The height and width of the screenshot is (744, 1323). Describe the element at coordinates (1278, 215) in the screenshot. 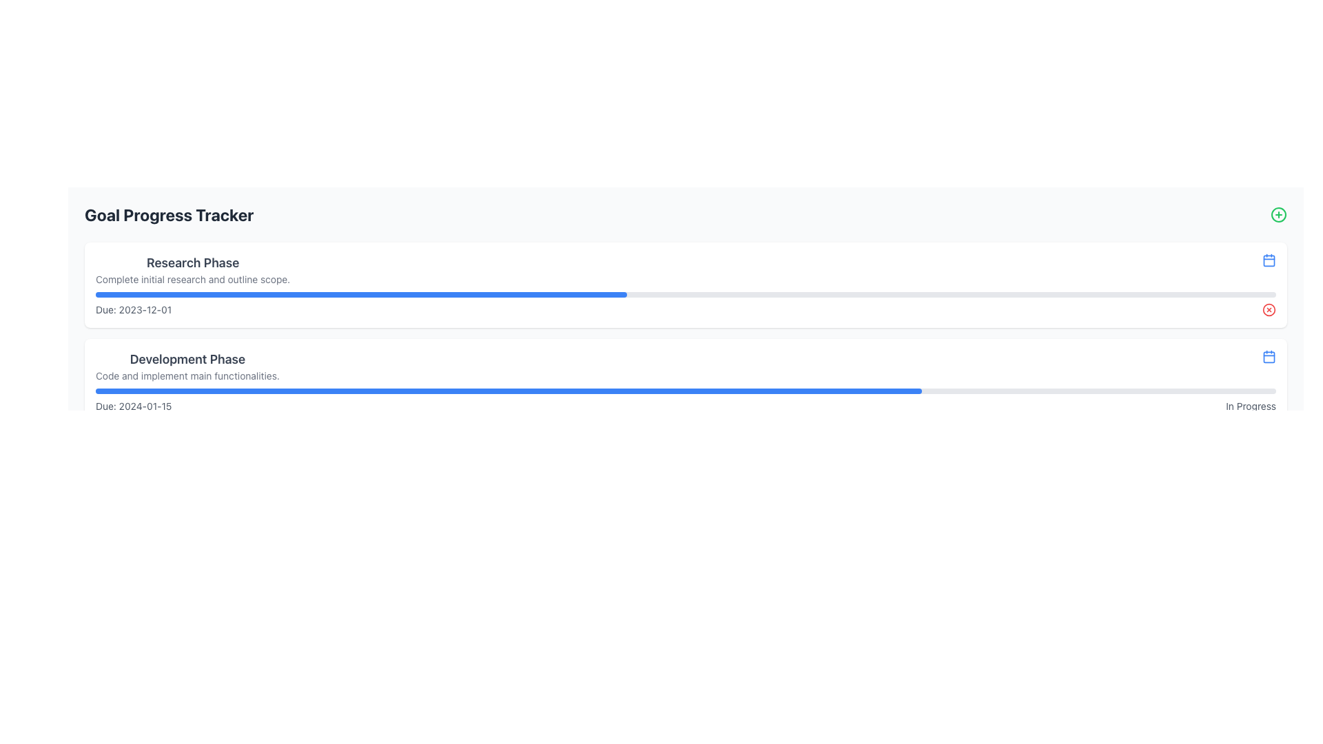

I see `the SVG circle element with a thin green outline, located in the top-right corner of the interface as part of a 'plus' icon` at that location.